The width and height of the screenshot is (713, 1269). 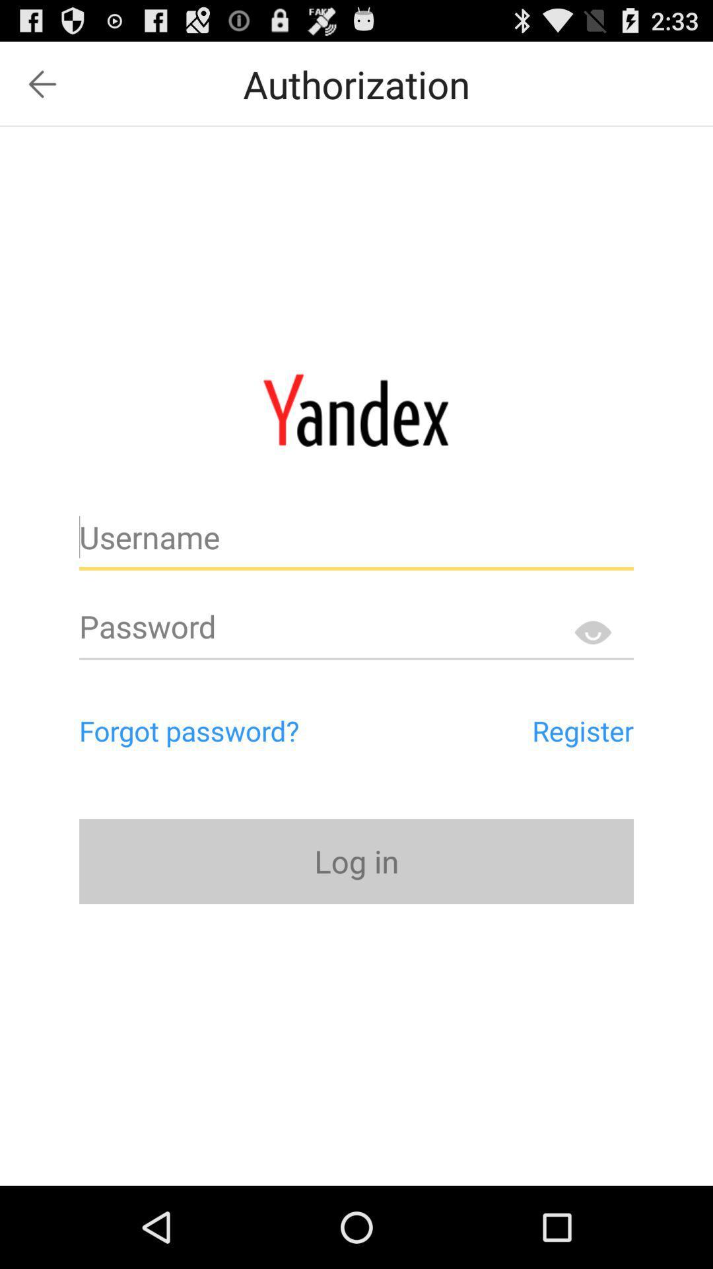 I want to click on username, so click(x=356, y=543).